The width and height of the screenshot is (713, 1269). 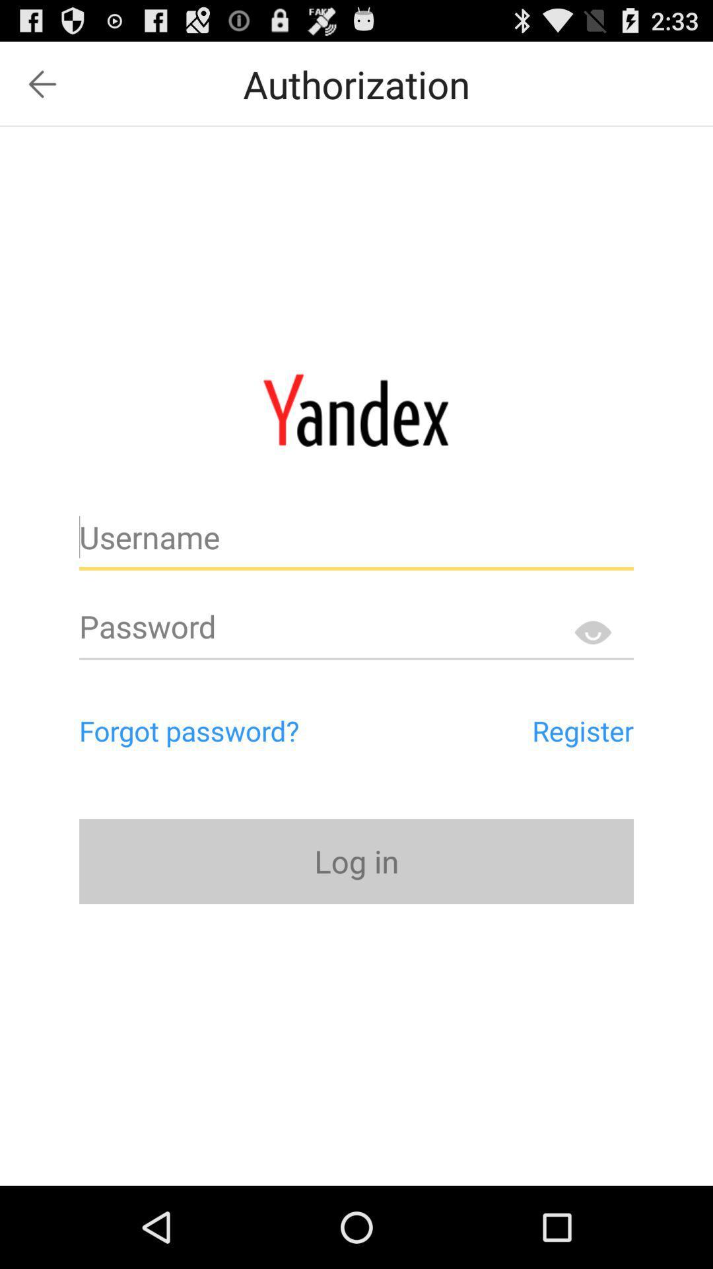 I want to click on username, so click(x=356, y=543).